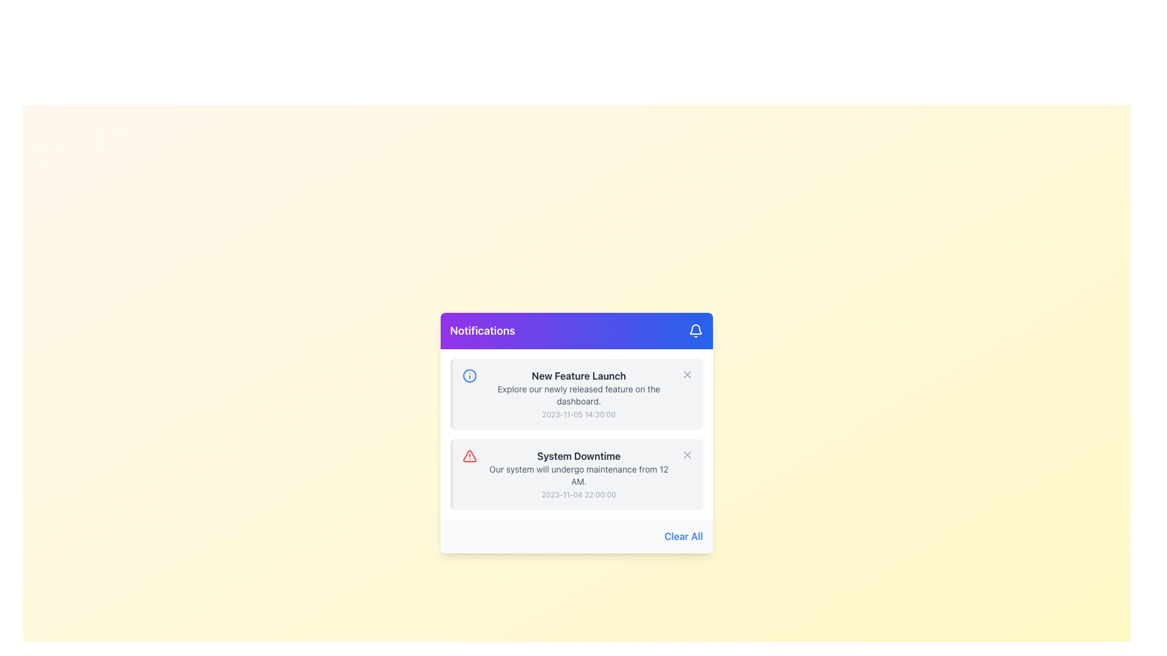 Image resolution: width=1167 pixels, height=656 pixels. What do you see at coordinates (578, 494) in the screenshot?
I see `the Text Label displaying the date and time '2023-11-04 22:00:00', which is styled in light gray and is positioned below the title 'System Downtime' and description 'Our system will undergo maintenance from 12 AM.'` at bounding box center [578, 494].